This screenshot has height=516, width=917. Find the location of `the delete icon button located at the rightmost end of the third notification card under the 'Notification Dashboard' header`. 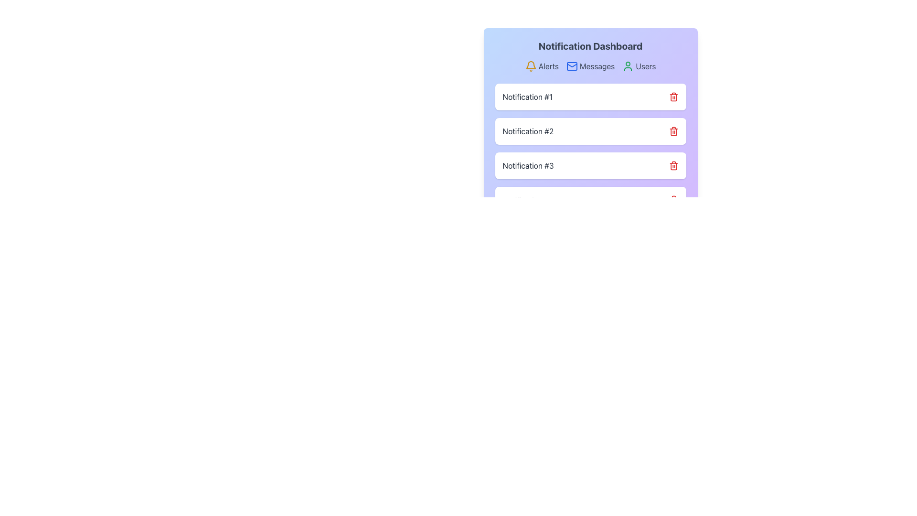

the delete icon button located at the rightmost end of the third notification card under the 'Notification Dashboard' header is located at coordinates (673, 165).